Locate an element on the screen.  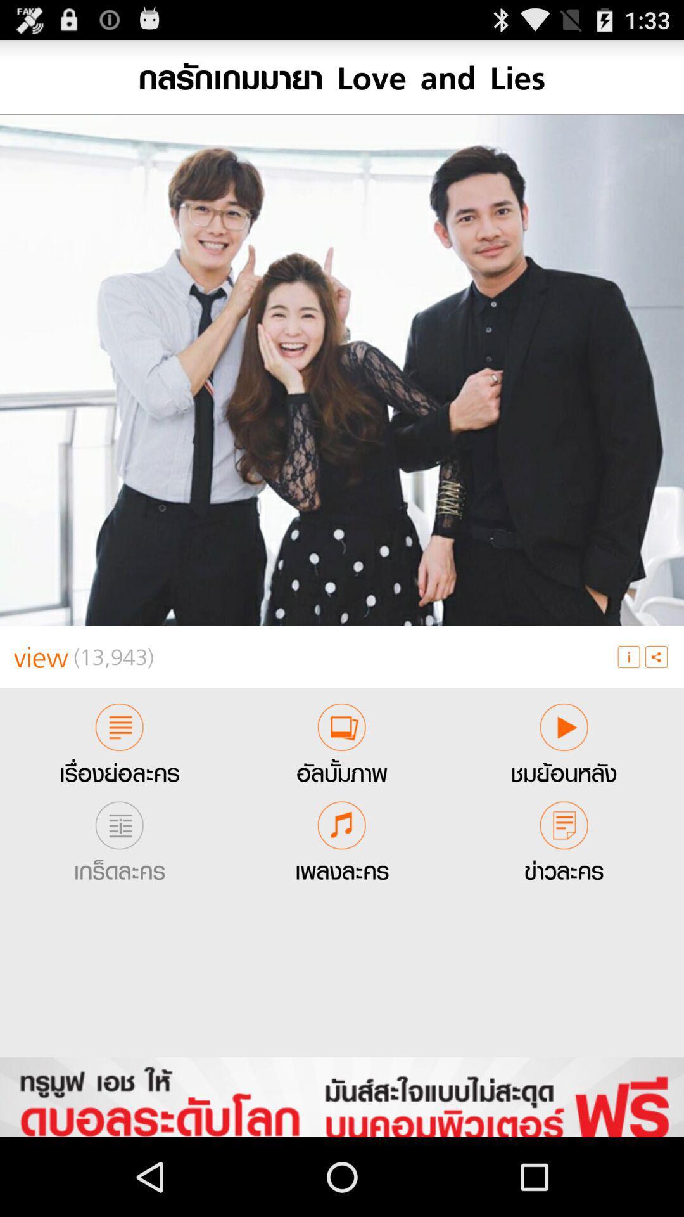
the info icon is located at coordinates (628, 702).